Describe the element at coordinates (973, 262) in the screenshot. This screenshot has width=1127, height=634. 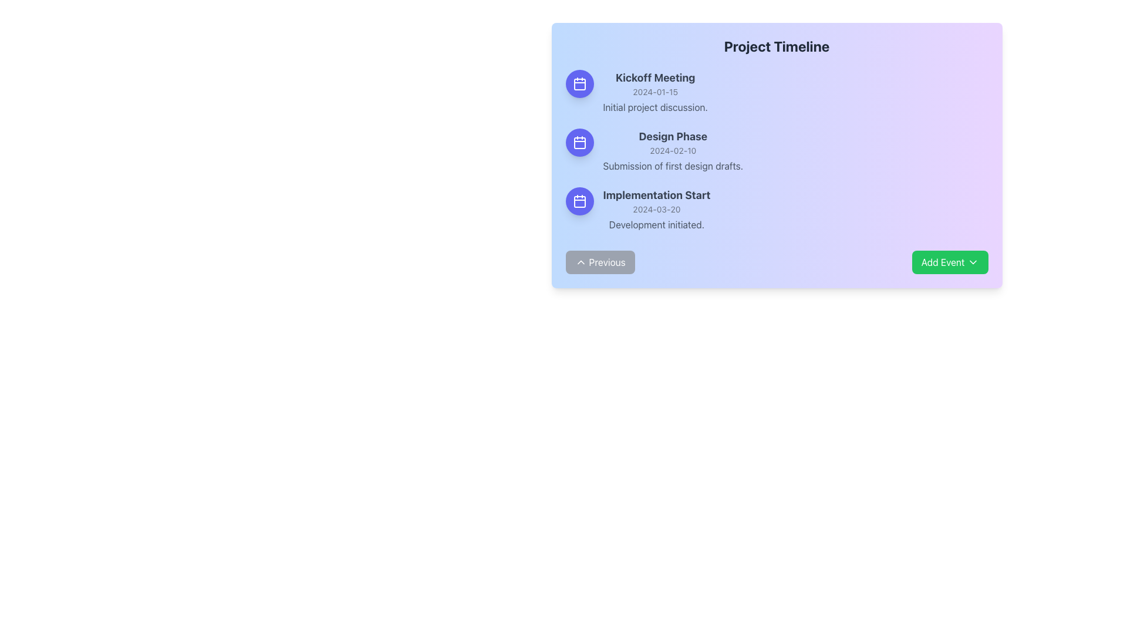
I see `the icon indicating additional options available in the 'Add Event' button group` at that location.